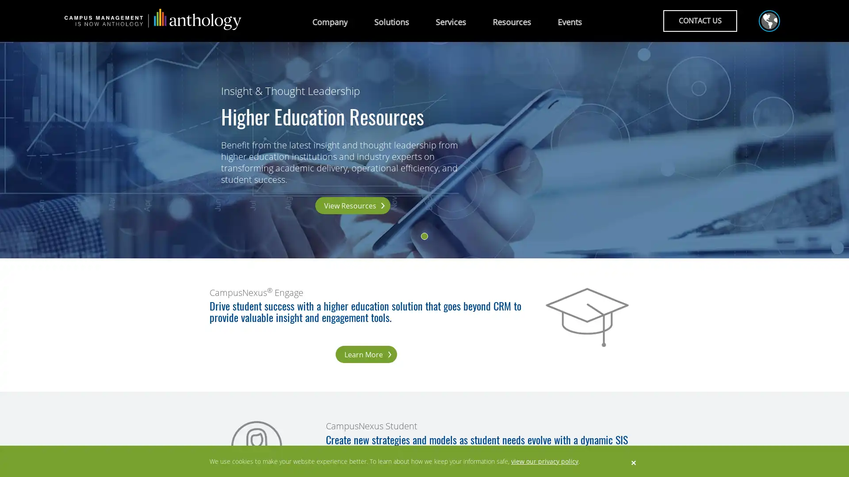  I want to click on Close, so click(633, 462).